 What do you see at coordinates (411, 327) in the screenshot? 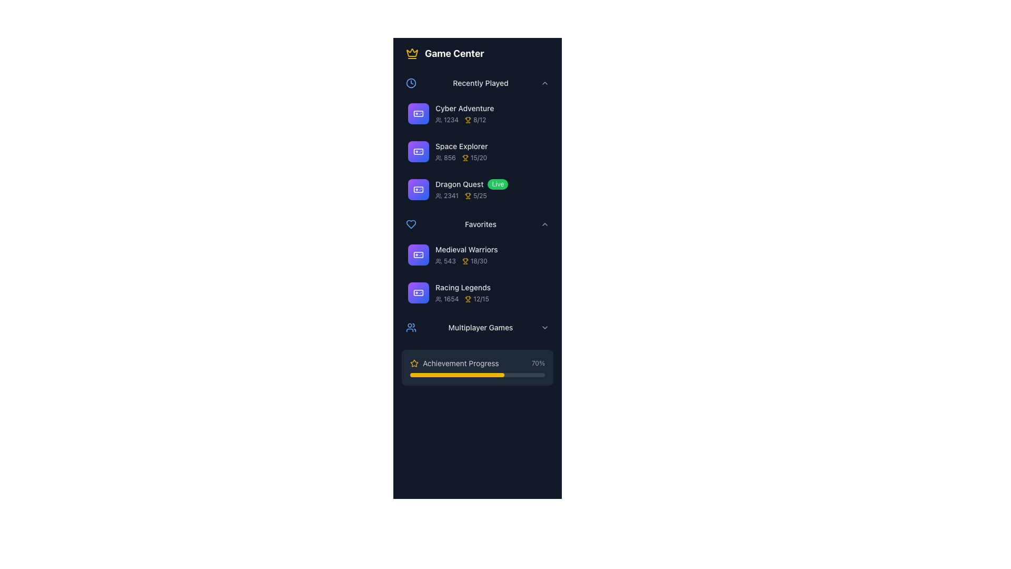
I see `the 'Multiplayer Games' icon located in the lower section of the 'Game Center' panel, positioned to the far left of the text label` at bounding box center [411, 327].